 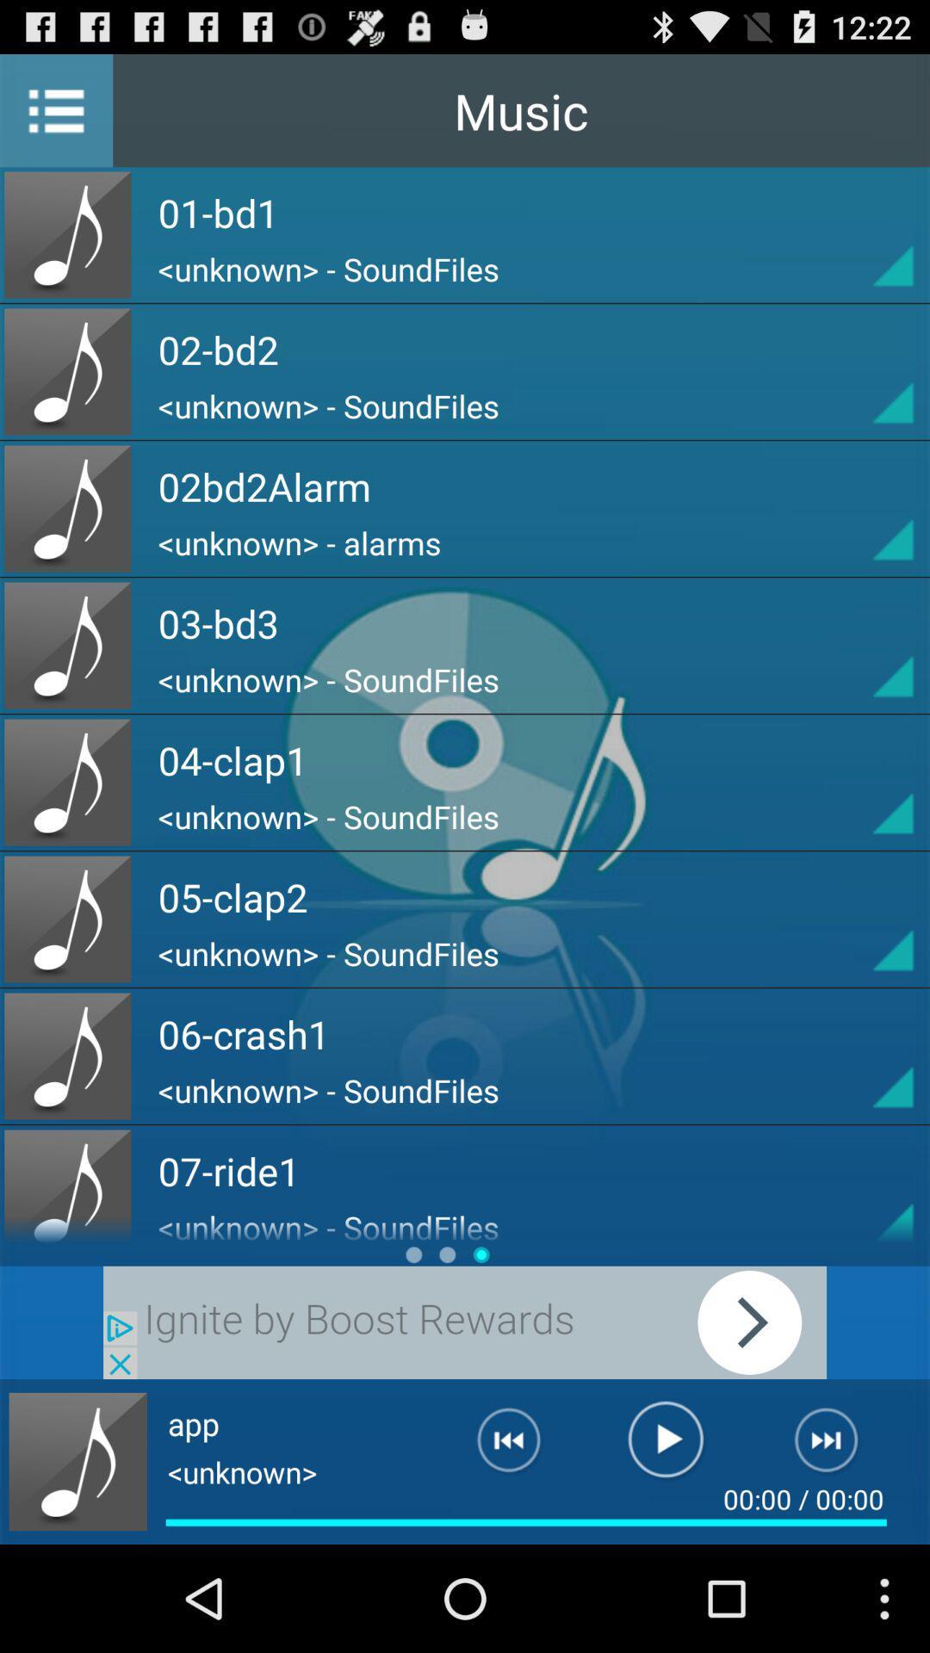 What do you see at coordinates (77, 1461) in the screenshot?
I see `music` at bounding box center [77, 1461].